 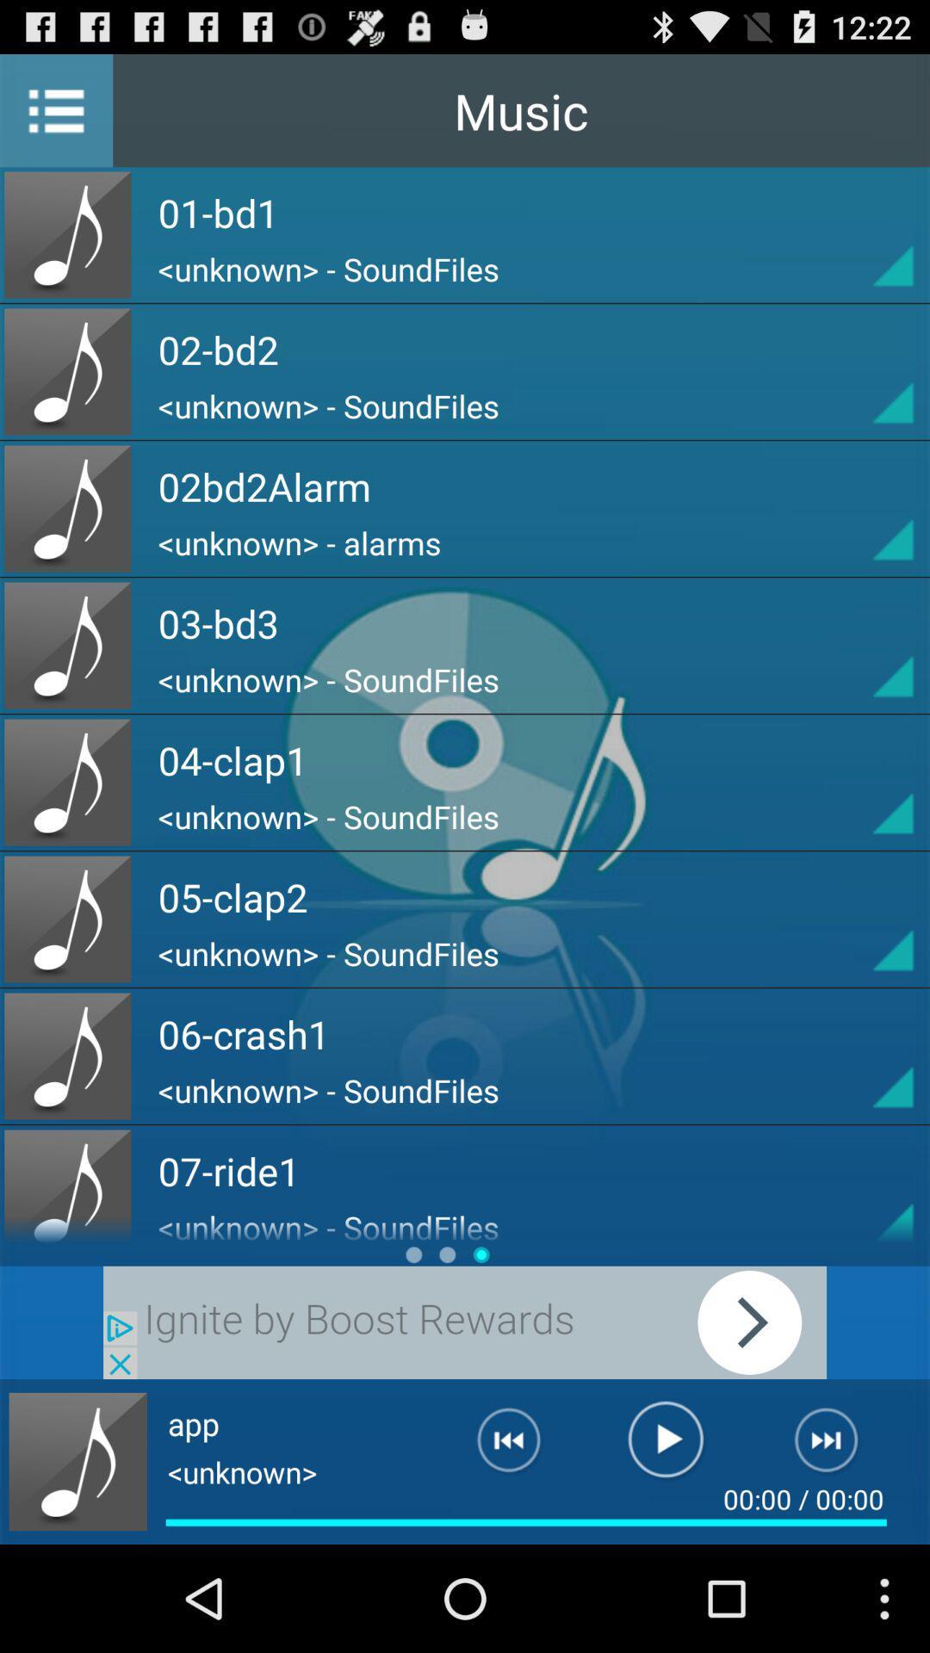 What do you see at coordinates (77, 1461) in the screenshot?
I see `music` at bounding box center [77, 1461].